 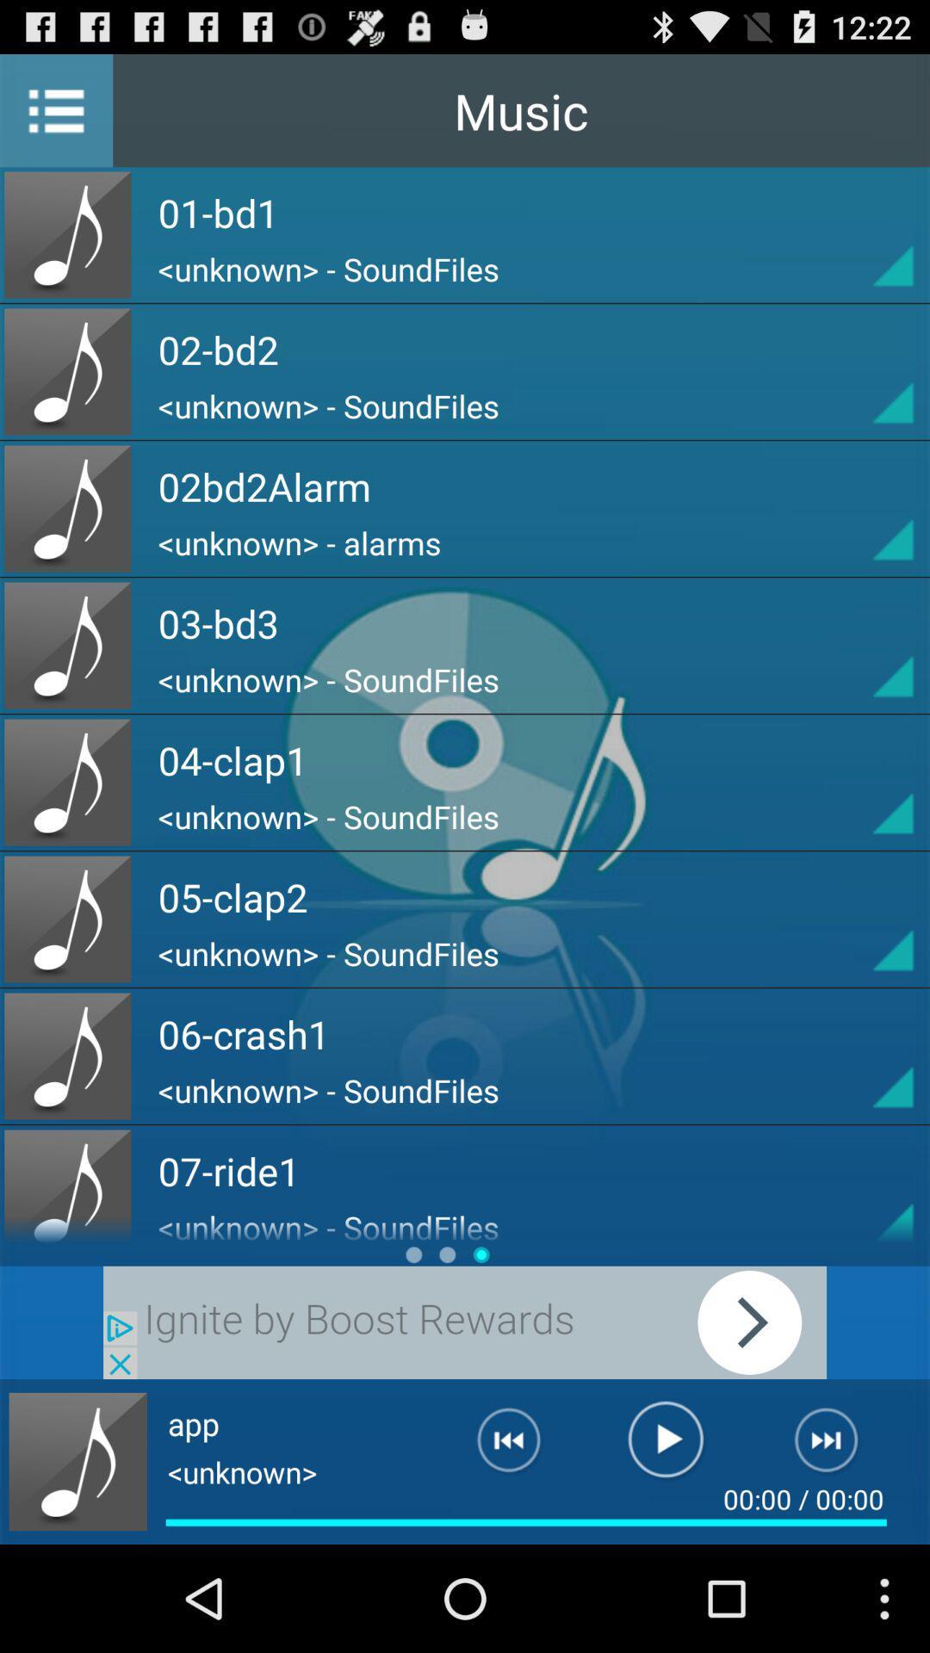 What do you see at coordinates (77, 1461) in the screenshot?
I see `music` at bounding box center [77, 1461].